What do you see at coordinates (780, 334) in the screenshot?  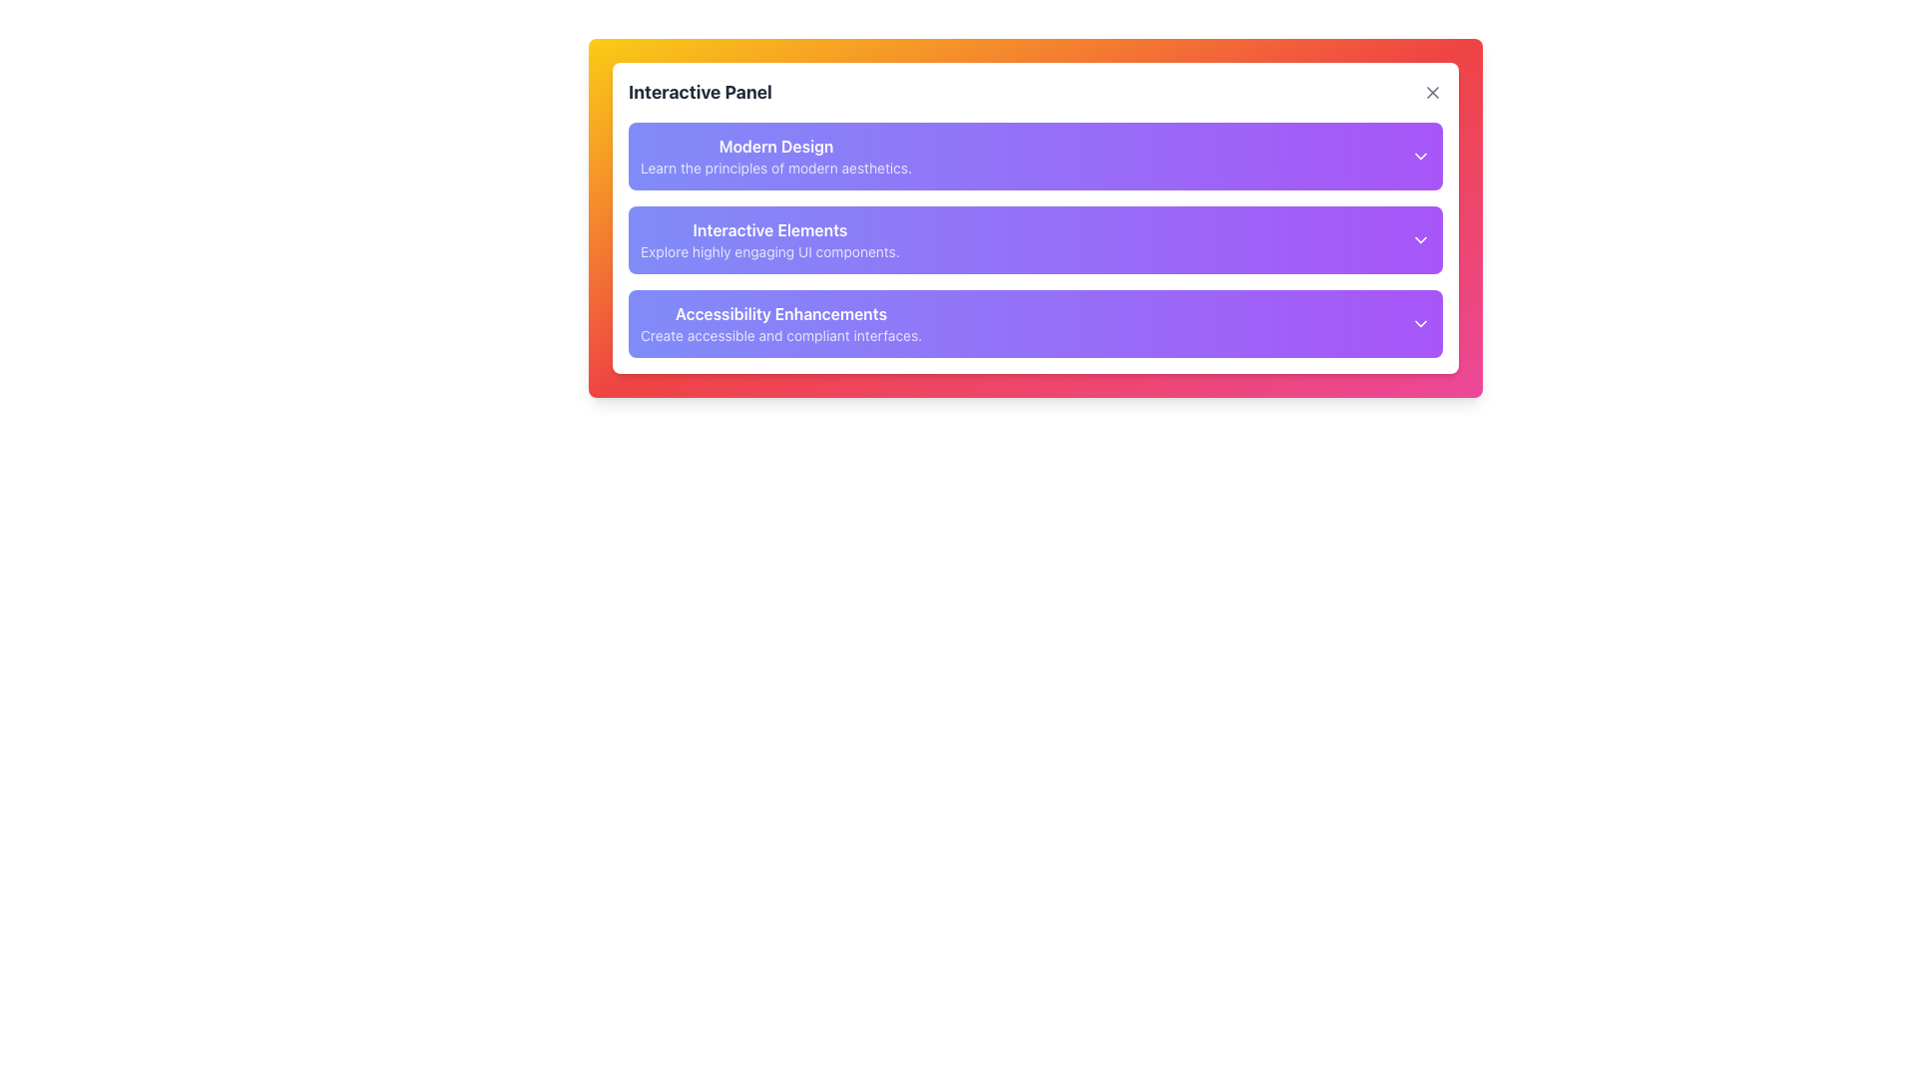 I see `the descriptive text label located below the 'Accessibility Enhancements' title in the interactive panel` at bounding box center [780, 334].